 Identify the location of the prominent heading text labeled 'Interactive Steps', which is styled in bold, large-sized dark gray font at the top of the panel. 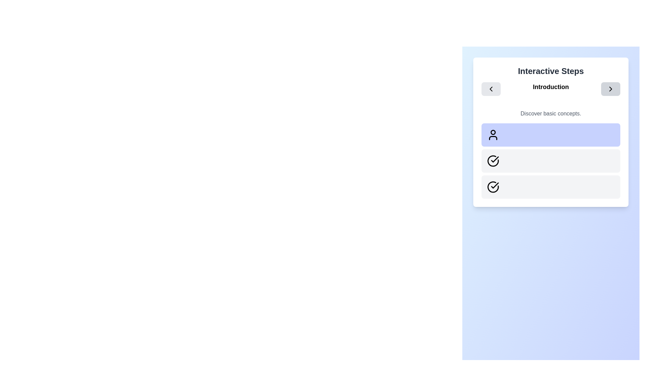
(551, 71).